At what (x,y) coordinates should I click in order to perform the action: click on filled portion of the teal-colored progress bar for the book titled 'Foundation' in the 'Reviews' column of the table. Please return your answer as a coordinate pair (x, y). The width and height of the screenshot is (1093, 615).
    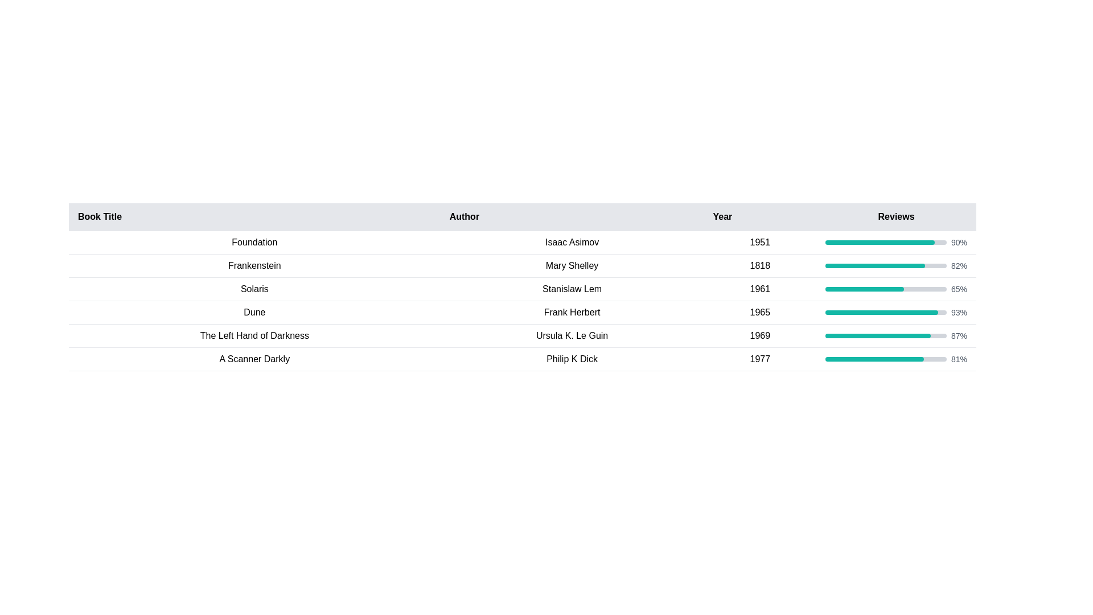
    Looking at the image, I should click on (879, 241).